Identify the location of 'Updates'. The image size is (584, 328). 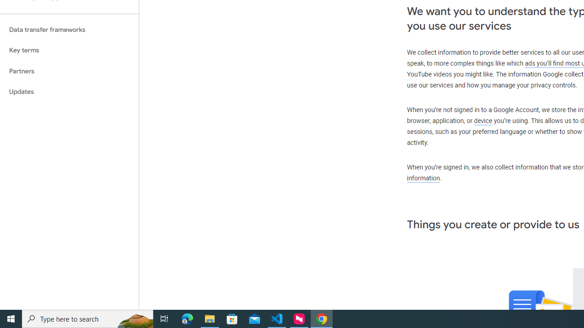
(69, 92).